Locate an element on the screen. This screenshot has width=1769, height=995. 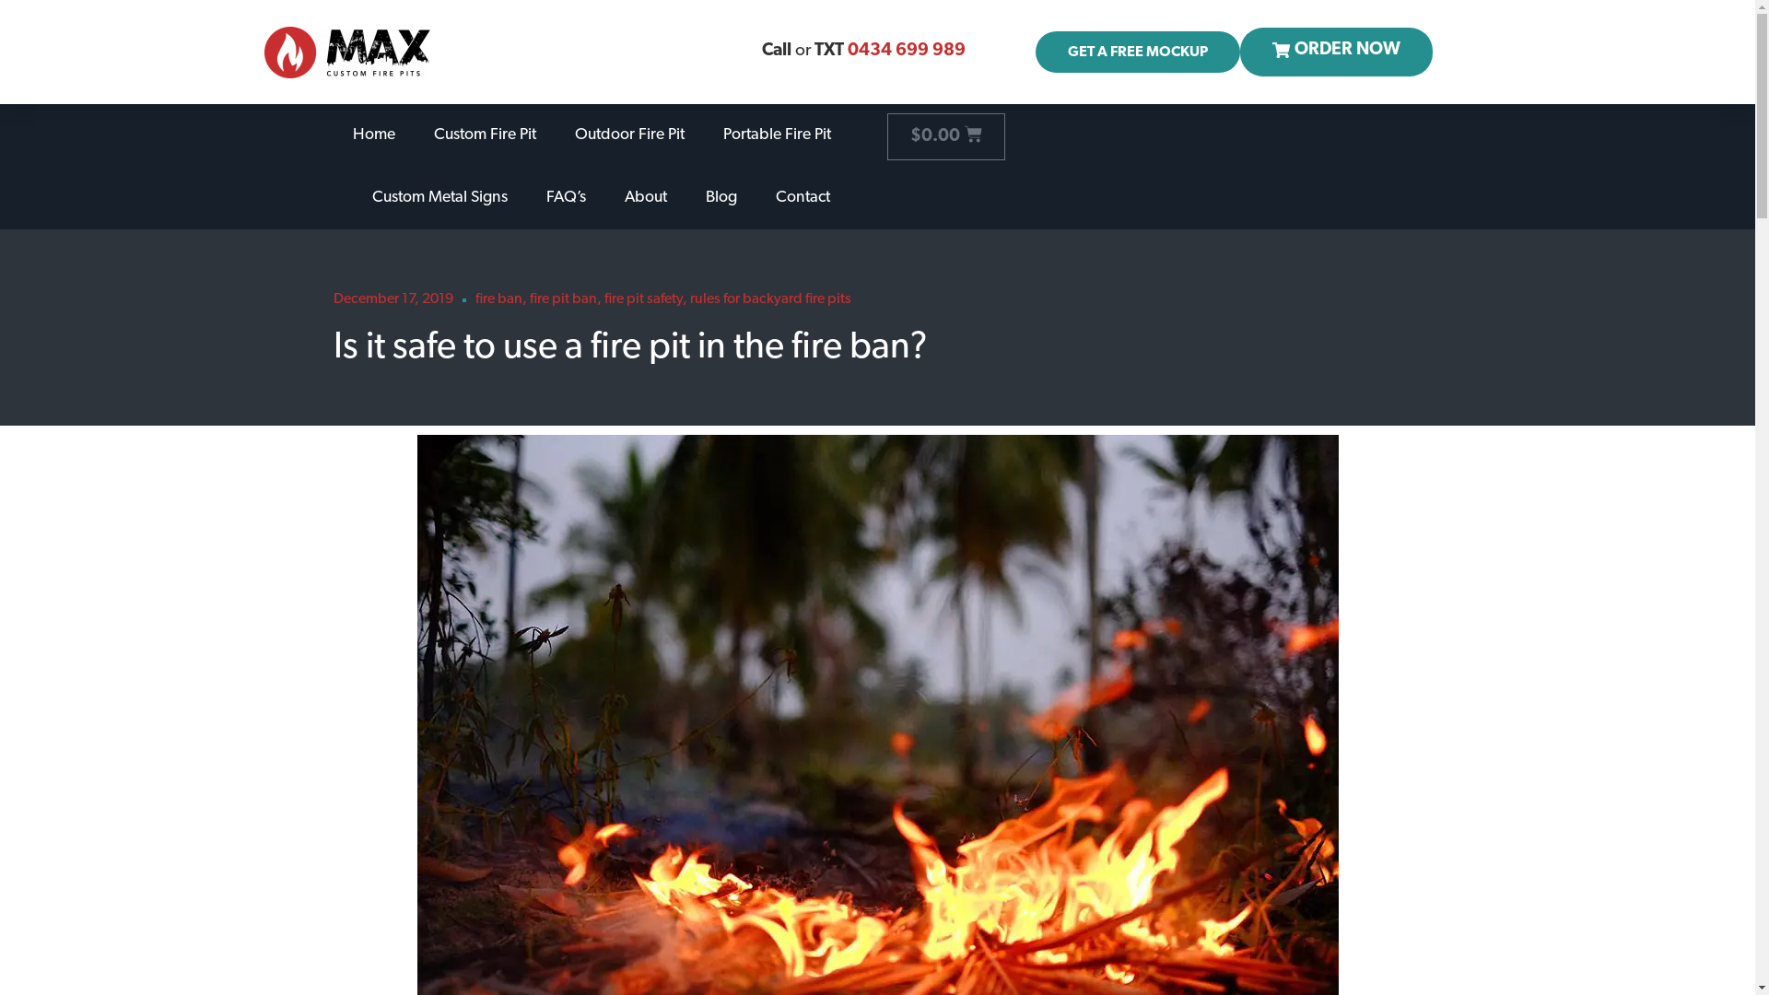
'max-firepits-logo@2x' is located at coordinates (347, 52).